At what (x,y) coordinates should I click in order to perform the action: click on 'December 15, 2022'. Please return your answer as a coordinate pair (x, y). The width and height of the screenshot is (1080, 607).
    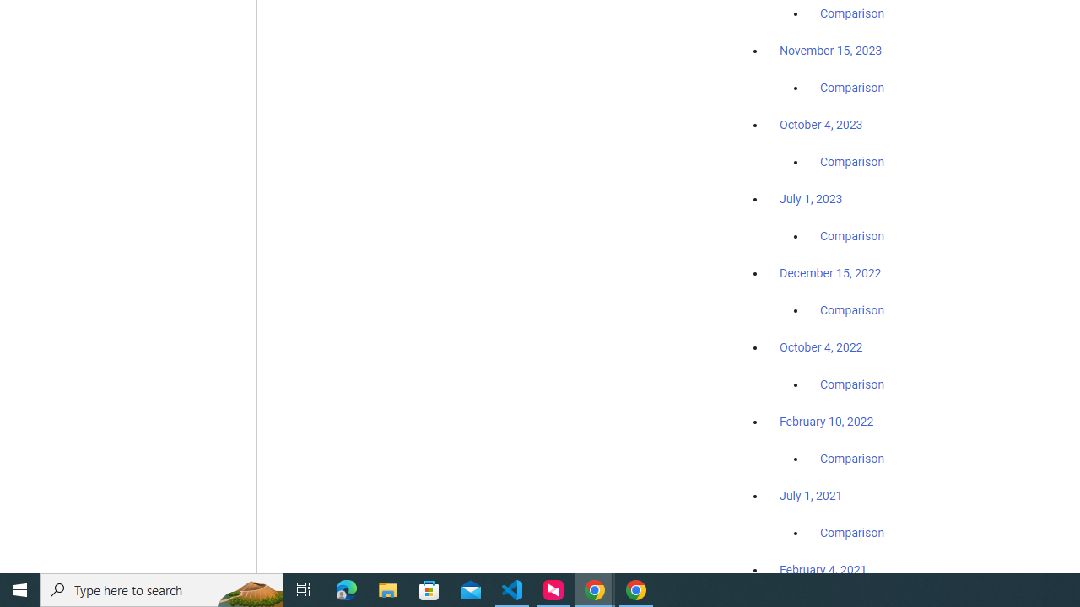
    Looking at the image, I should click on (830, 272).